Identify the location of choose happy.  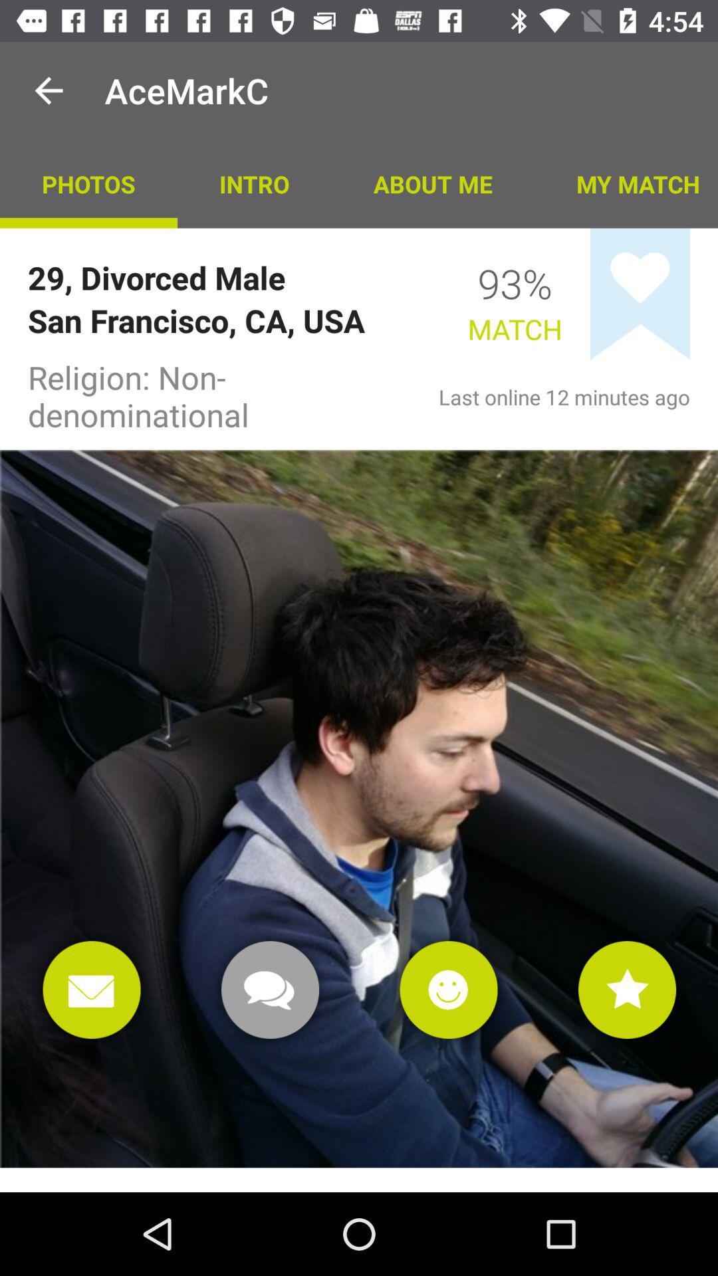
(449, 990).